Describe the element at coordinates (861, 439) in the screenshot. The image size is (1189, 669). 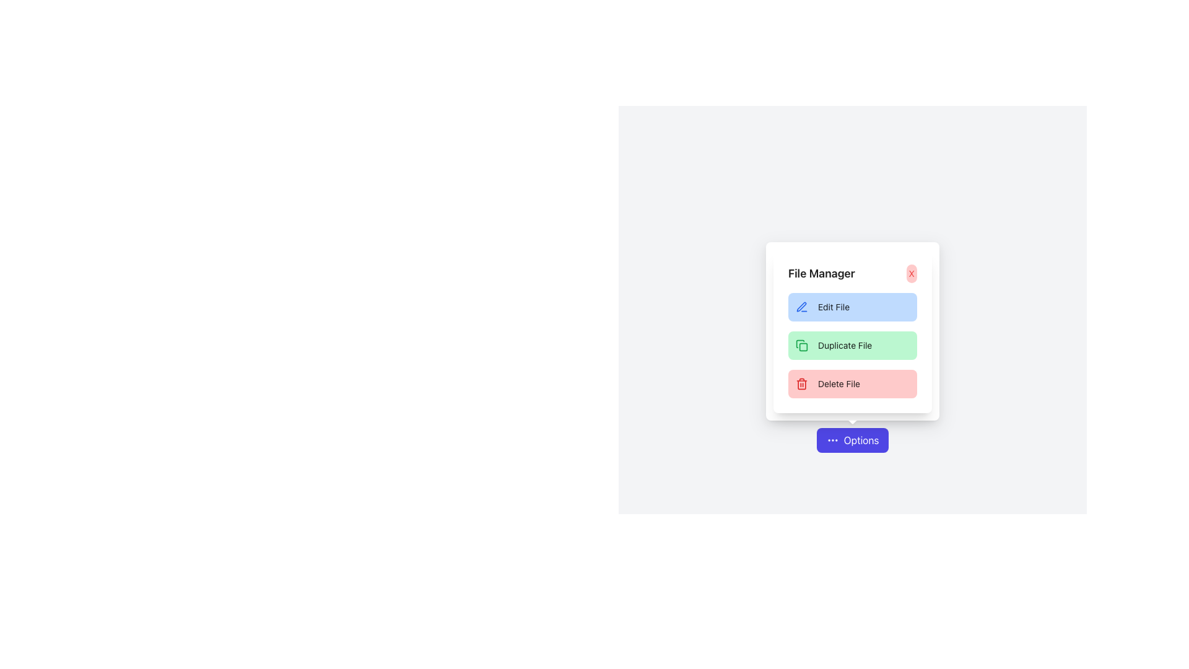
I see `the 'Options' text which is styled in a bold, white font within a blue rounded rectangular button below the 'File Manager' popover` at that location.